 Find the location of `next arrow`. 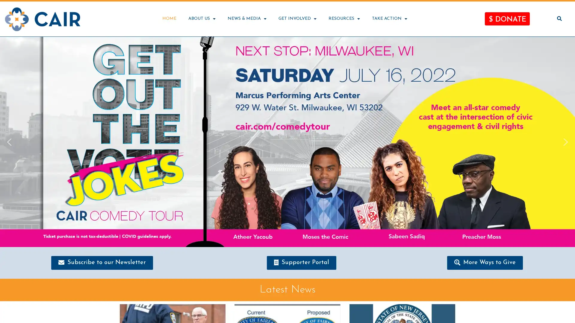

next arrow is located at coordinates (565, 142).